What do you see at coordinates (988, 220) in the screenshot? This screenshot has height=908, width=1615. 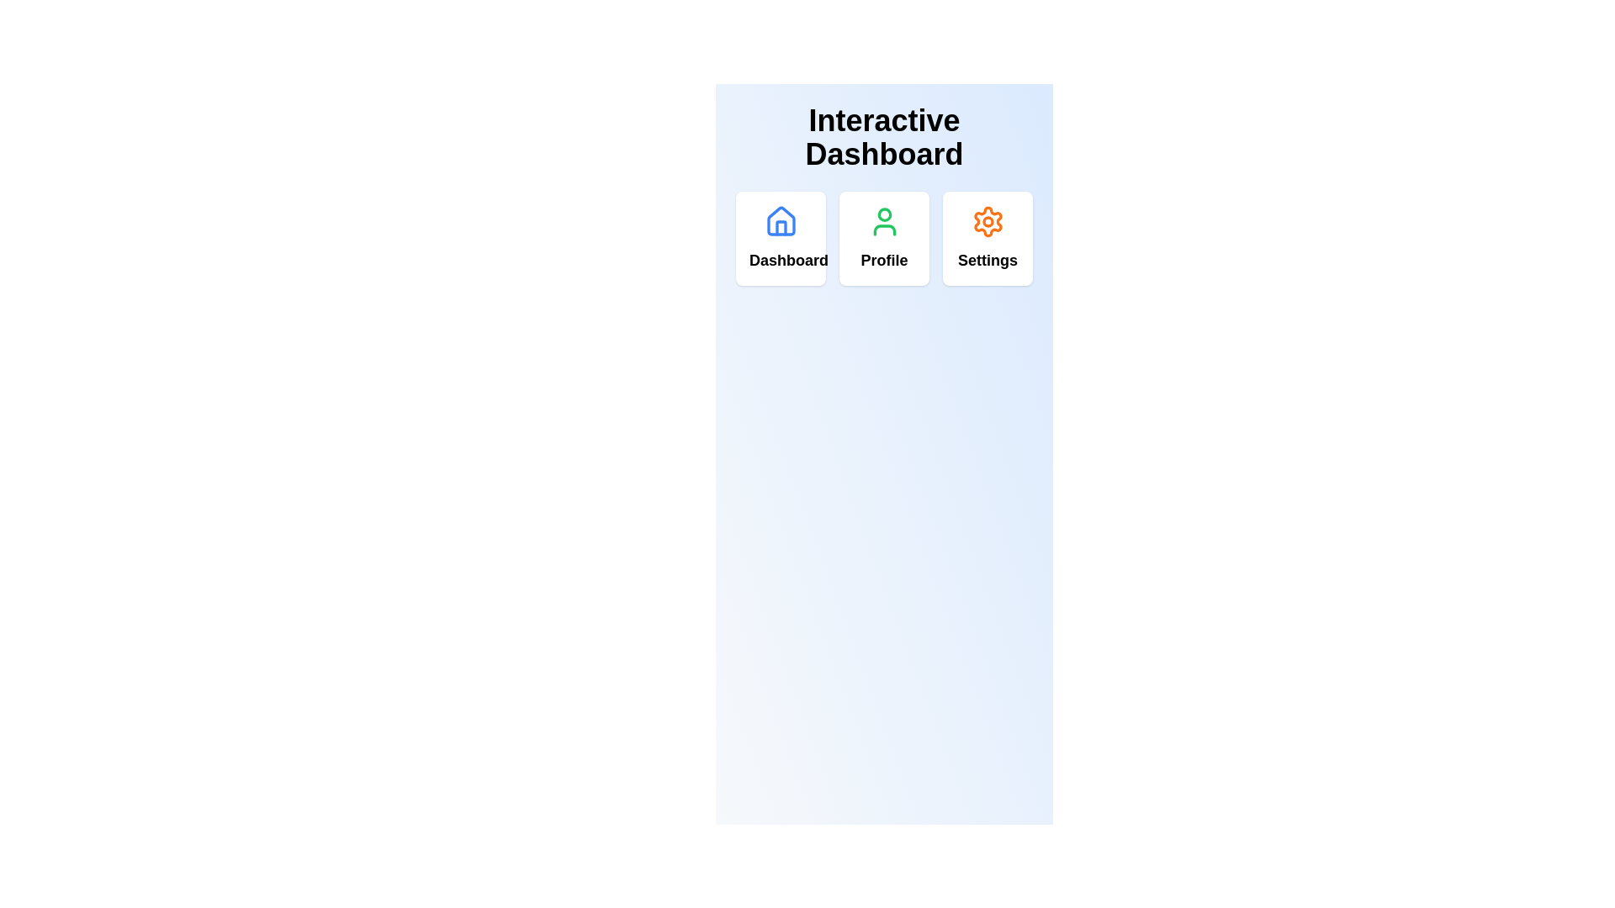 I see `the orange gear icon representing settings, located below the 'Interactive Dashboard' heading` at bounding box center [988, 220].